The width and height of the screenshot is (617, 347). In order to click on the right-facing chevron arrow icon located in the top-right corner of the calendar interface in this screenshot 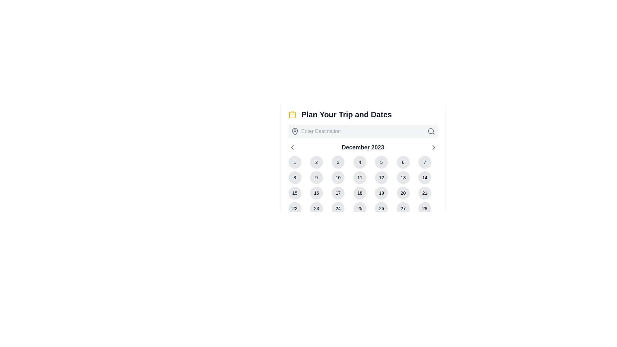, I will do `click(434, 147)`.